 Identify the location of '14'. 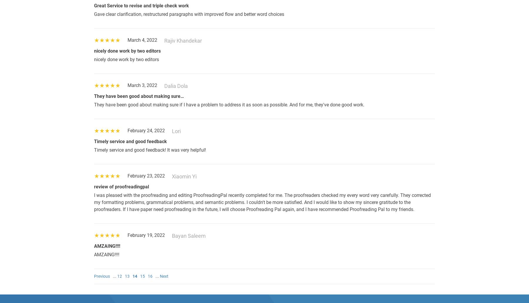
(135, 276).